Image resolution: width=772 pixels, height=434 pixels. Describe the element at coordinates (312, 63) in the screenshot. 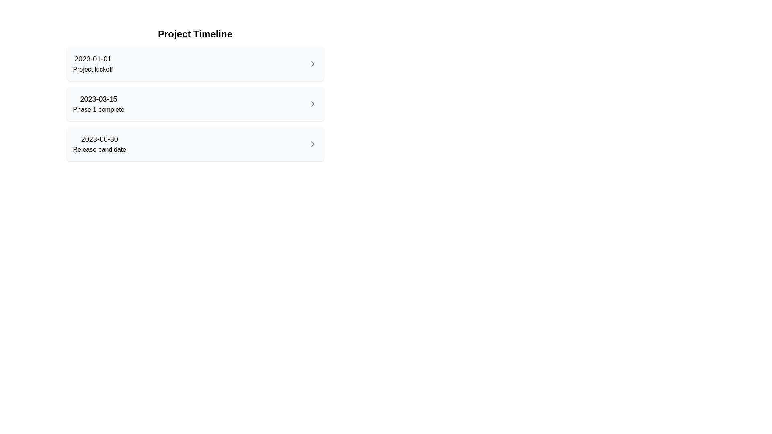

I see `the navigation button located at the rightmost end of the '2023-01-01 Project kickoff' row` at that location.